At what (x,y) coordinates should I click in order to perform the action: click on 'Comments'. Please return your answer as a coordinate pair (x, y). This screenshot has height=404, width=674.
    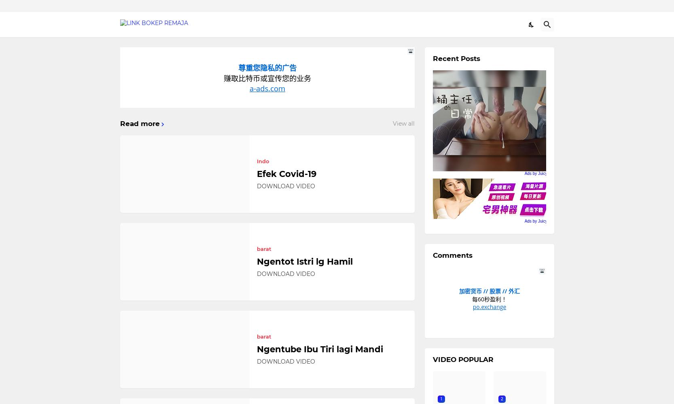
    Looking at the image, I should click on (432, 255).